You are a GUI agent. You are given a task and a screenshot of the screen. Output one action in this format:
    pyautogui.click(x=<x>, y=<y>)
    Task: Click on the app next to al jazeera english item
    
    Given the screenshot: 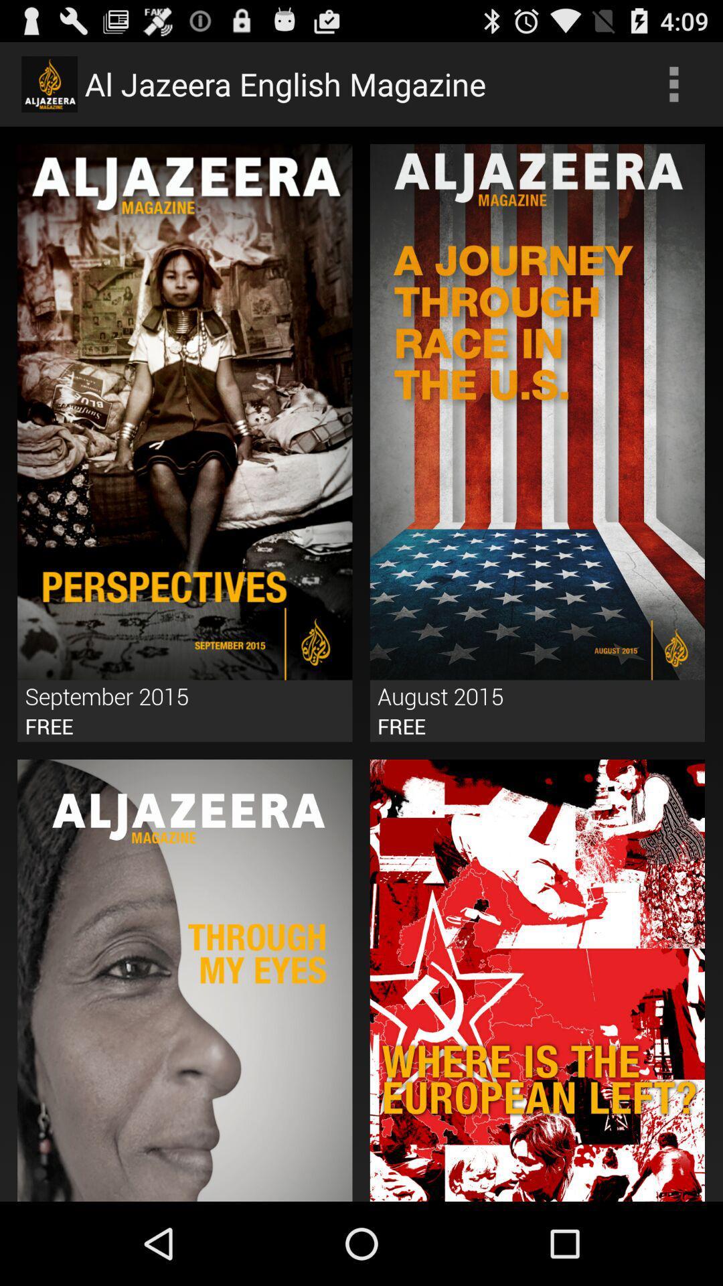 What is the action you would take?
    pyautogui.click(x=673, y=83)
    